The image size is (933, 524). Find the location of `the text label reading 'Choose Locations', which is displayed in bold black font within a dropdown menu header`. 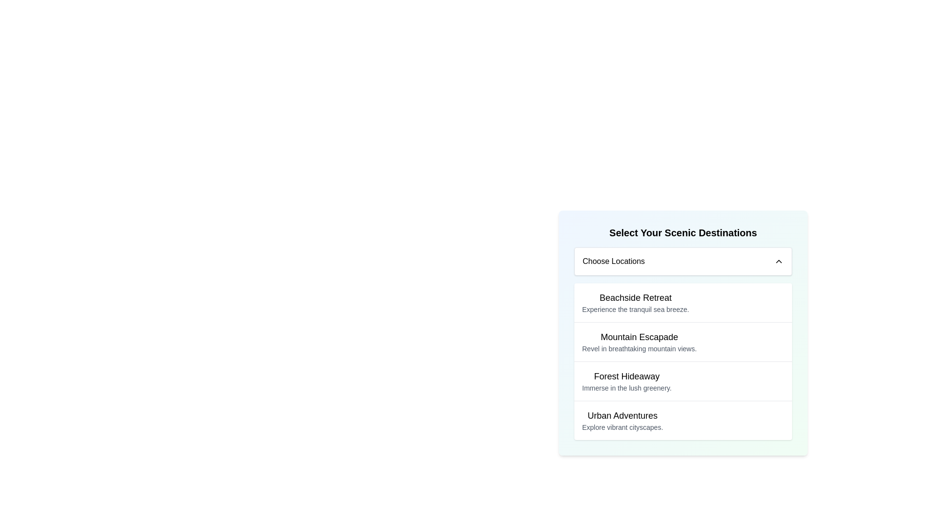

the text label reading 'Choose Locations', which is displayed in bold black font within a dropdown menu header is located at coordinates (613, 261).